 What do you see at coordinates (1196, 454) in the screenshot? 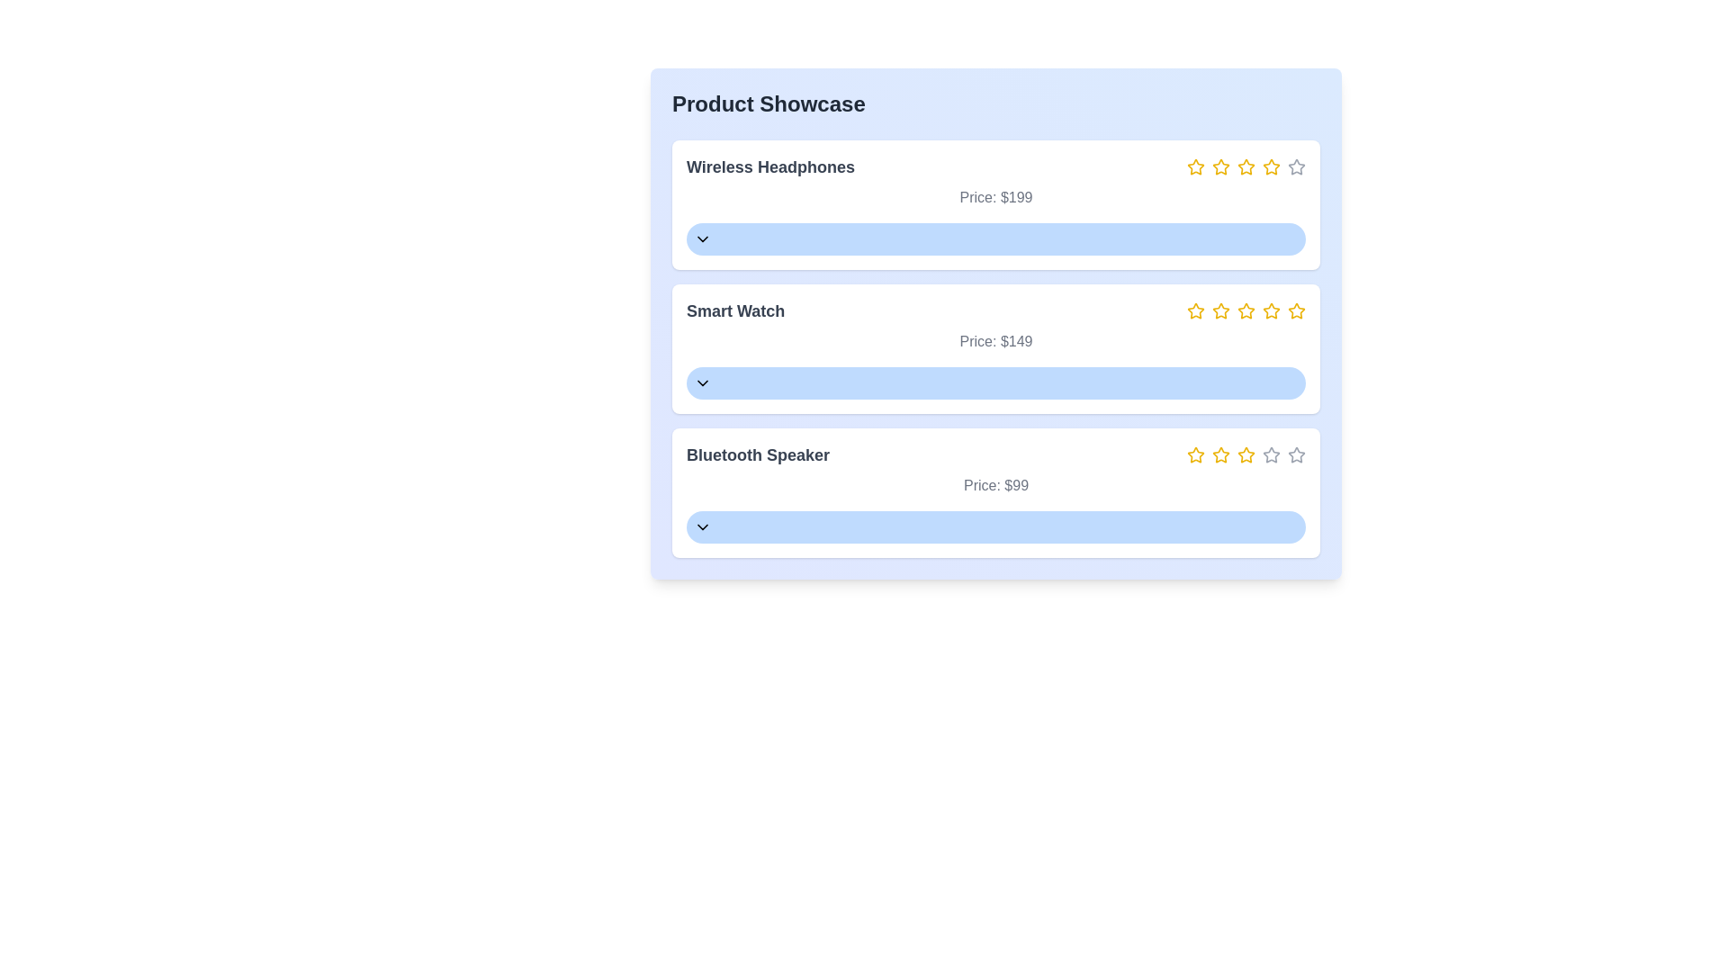
I see `the second star icon in the rating system for the 'Bluetooth Speaker' product` at bounding box center [1196, 454].